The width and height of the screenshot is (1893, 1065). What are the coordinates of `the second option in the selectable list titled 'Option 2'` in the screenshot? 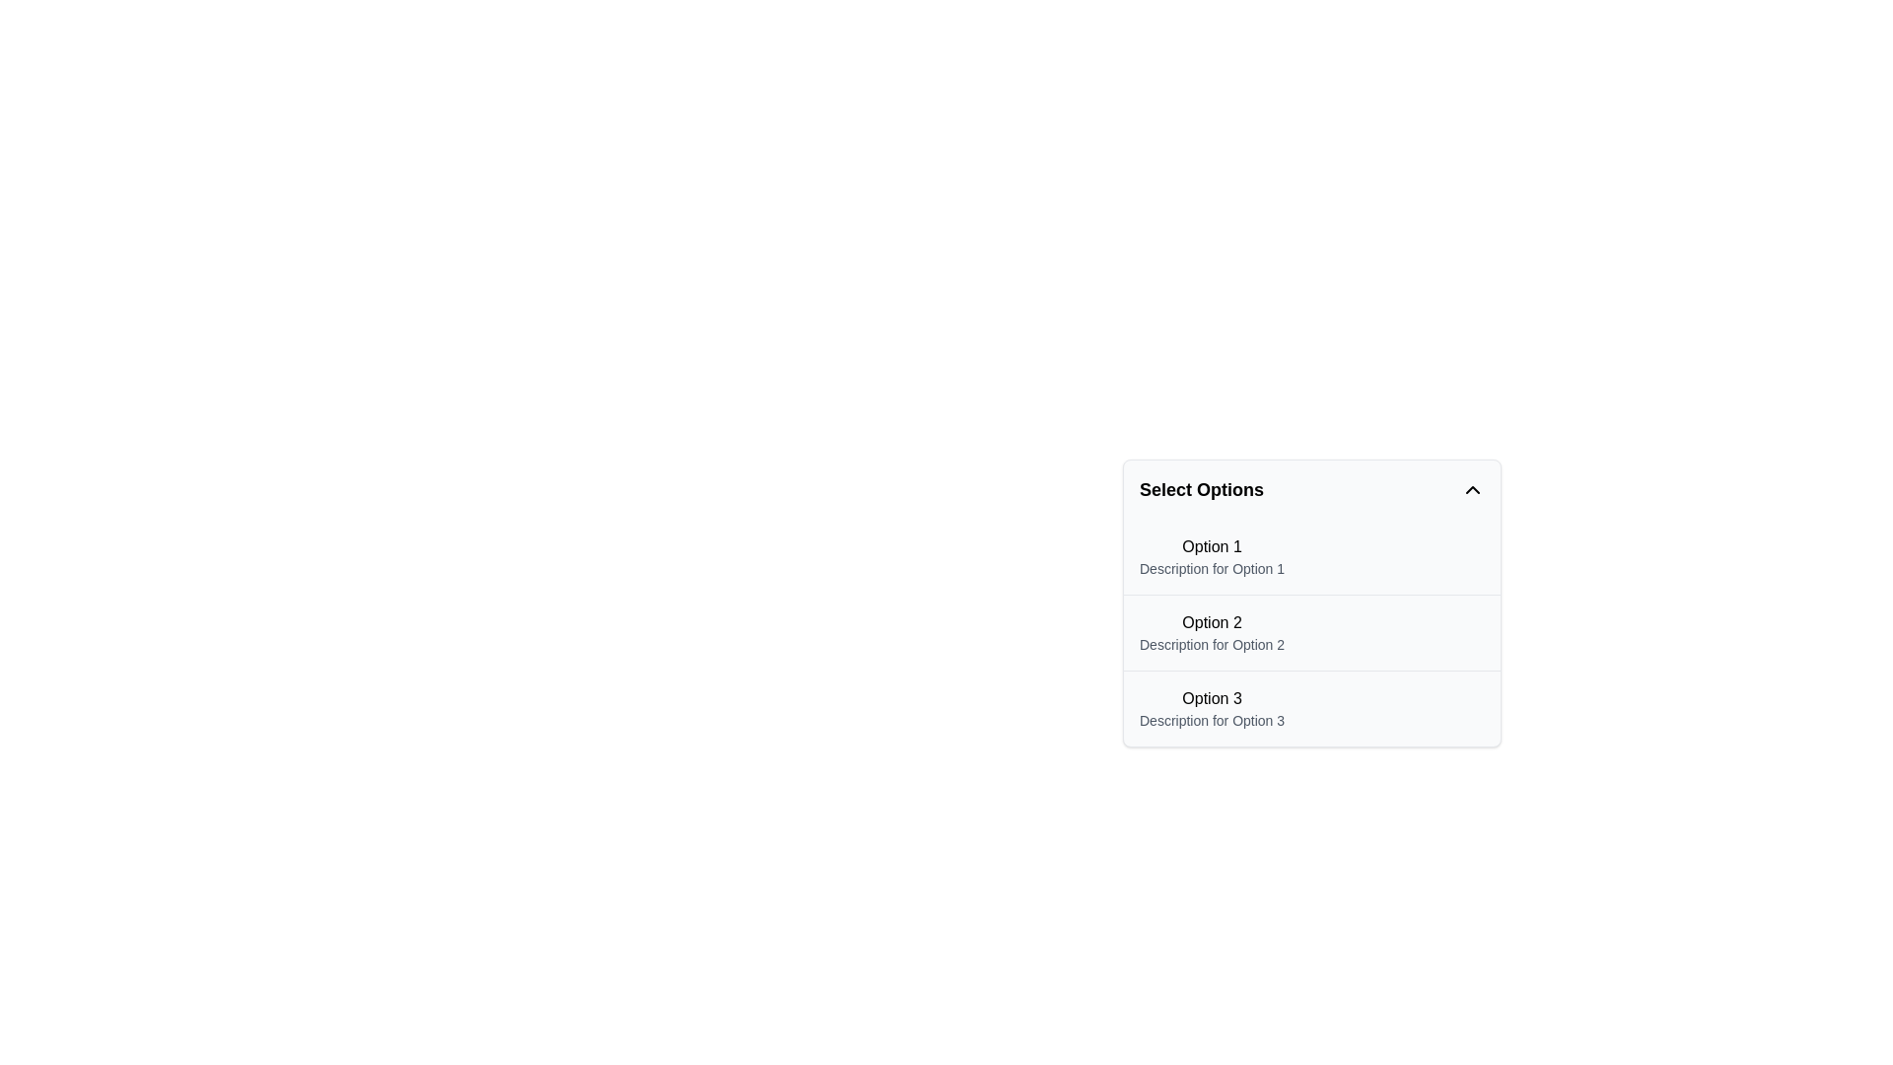 It's located at (1211, 632).